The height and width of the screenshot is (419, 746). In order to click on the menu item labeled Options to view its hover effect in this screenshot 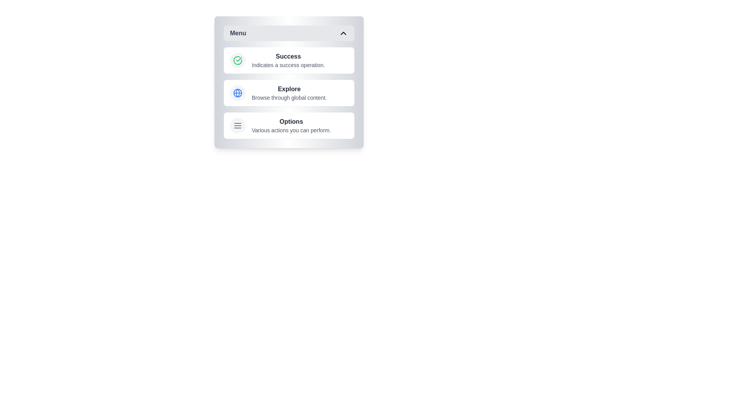, I will do `click(289, 125)`.